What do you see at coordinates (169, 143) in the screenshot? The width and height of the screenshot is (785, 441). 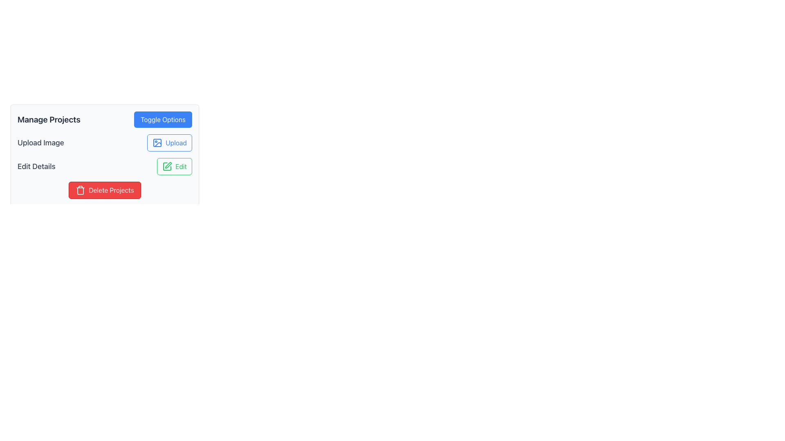 I see `the interactive button located in the middle-right section of the interface to initiate the upload action for images or files` at bounding box center [169, 143].